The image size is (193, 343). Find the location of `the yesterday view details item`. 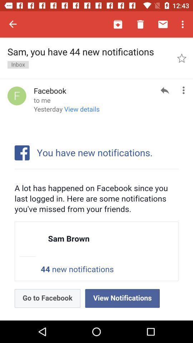

the yesterday view details item is located at coordinates (66, 112).